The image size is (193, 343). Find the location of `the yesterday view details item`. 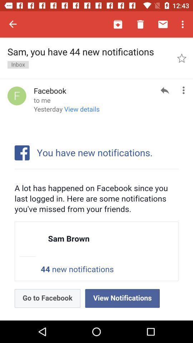

the yesterday view details item is located at coordinates (66, 112).